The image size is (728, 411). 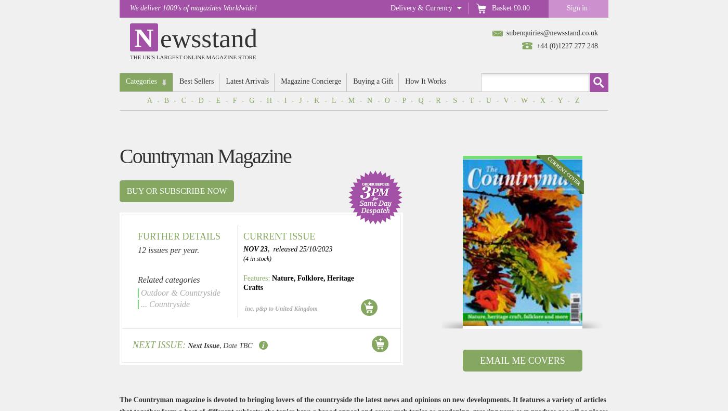 I want to click on 'Q', so click(x=421, y=100).